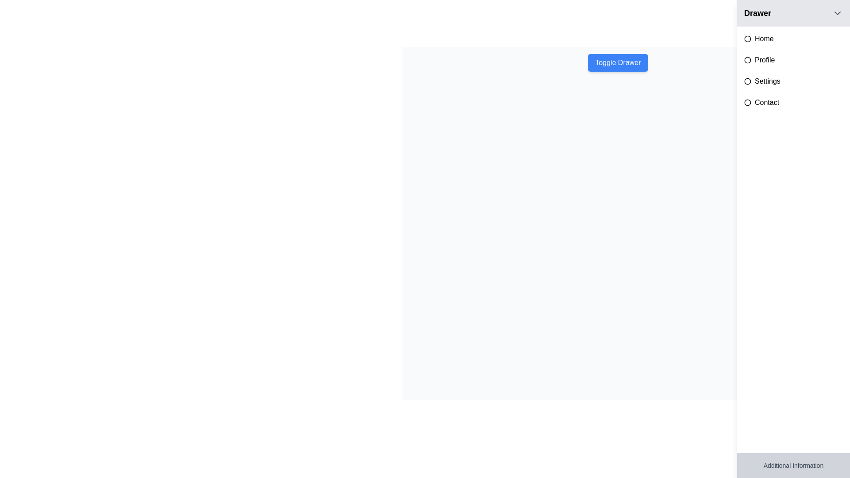  What do you see at coordinates (747, 39) in the screenshot?
I see `the circular graphical icon located at the beginning of the 'Home' menu item in the vertical menu layout` at bounding box center [747, 39].